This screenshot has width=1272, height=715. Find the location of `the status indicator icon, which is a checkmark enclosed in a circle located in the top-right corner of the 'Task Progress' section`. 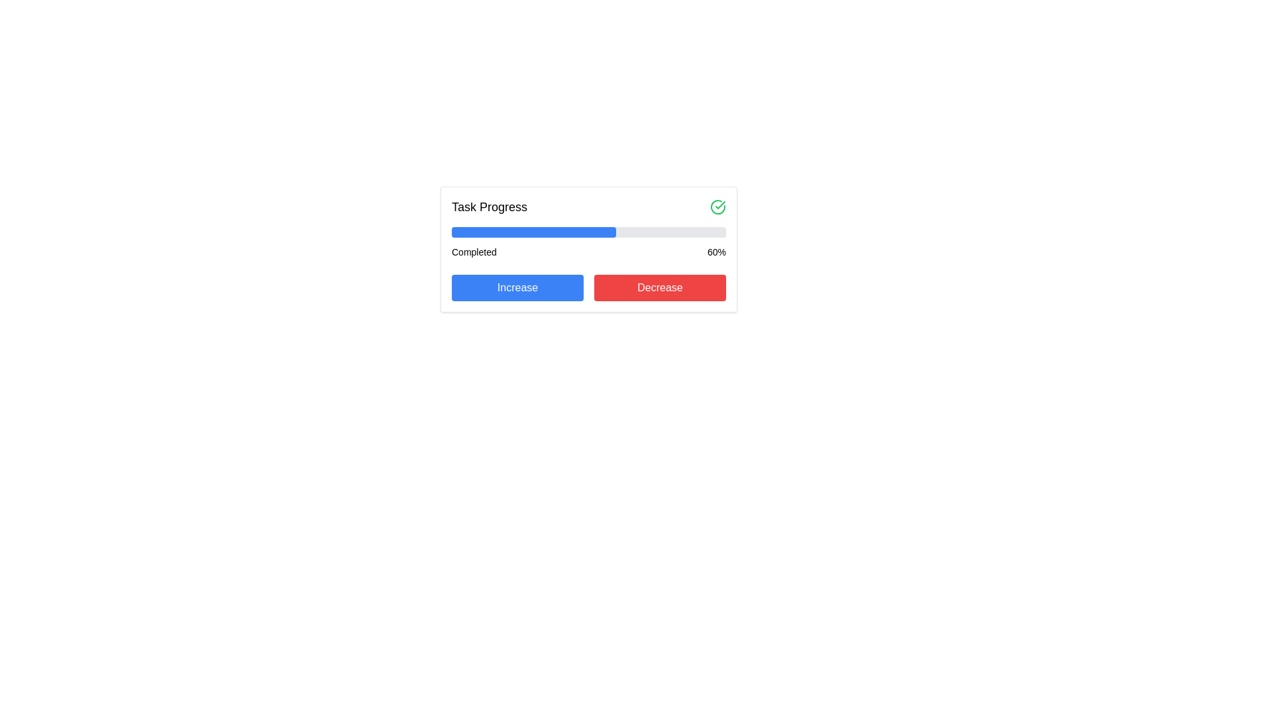

the status indicator icon, which is a checkmark enclosed in a circle located in the top-right corner of the 'Task Progress' section is located at coordinates (717, 207).